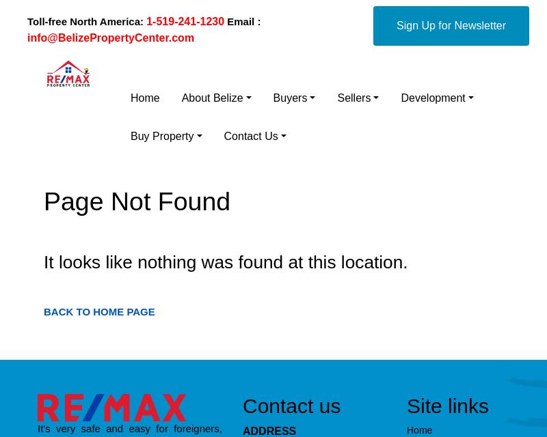 This screenshot has height=437, width=547. Describe the element at coordinates (161, 136) in the screenshot. I see `'Buy Property'` at that location.